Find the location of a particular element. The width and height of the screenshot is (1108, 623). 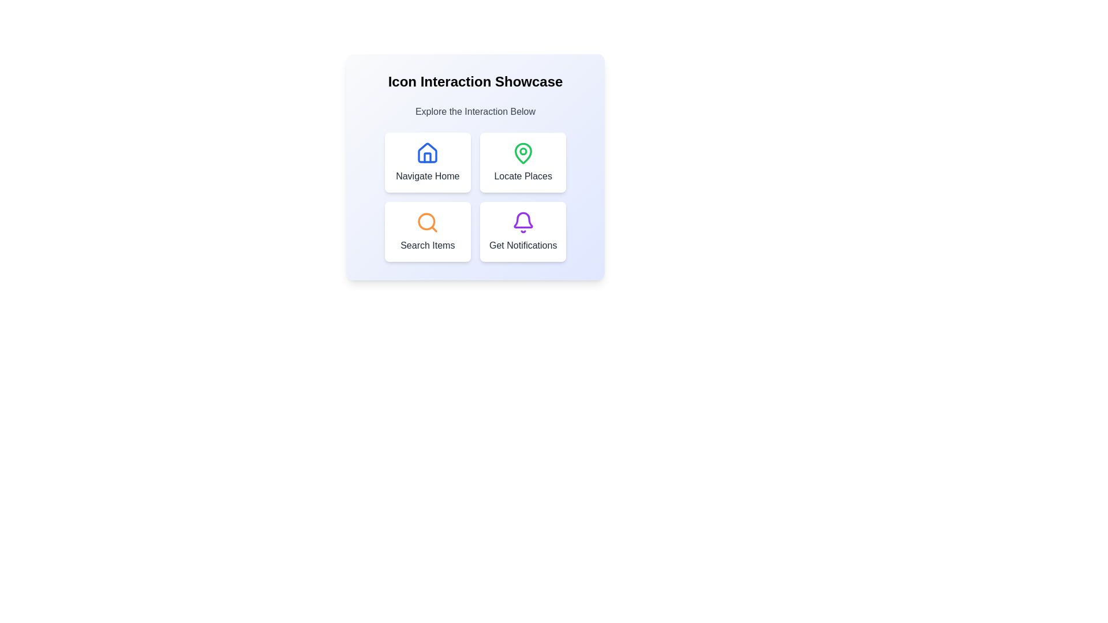

the Text label that describes the navigation functionality beneath the house icon in the top-left quadrant of the grid is located at coordinates (427, 176).